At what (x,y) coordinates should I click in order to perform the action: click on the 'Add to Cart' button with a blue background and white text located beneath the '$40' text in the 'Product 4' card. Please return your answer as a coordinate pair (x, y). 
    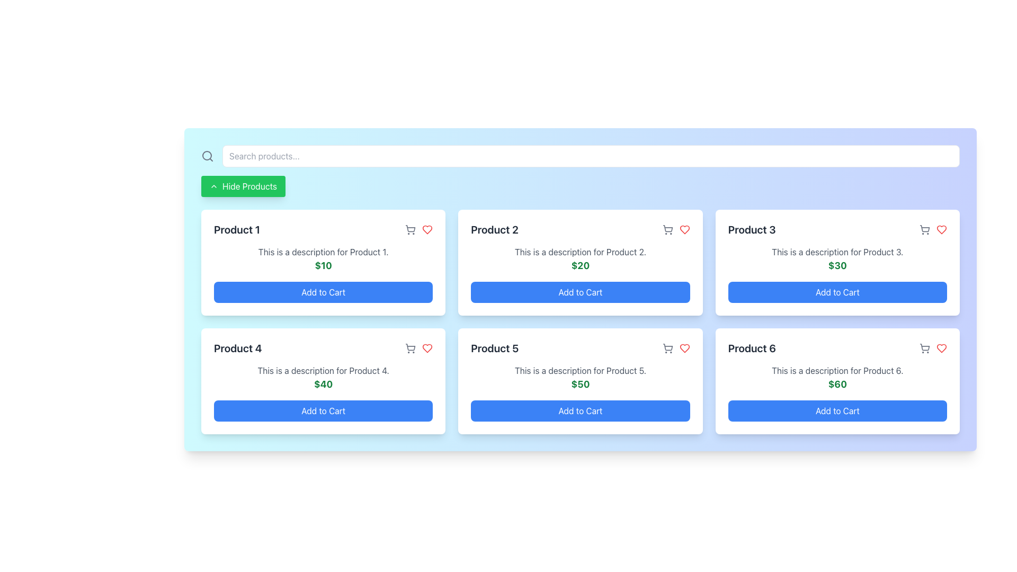
    Looking at the image, I should click on (323, 410).